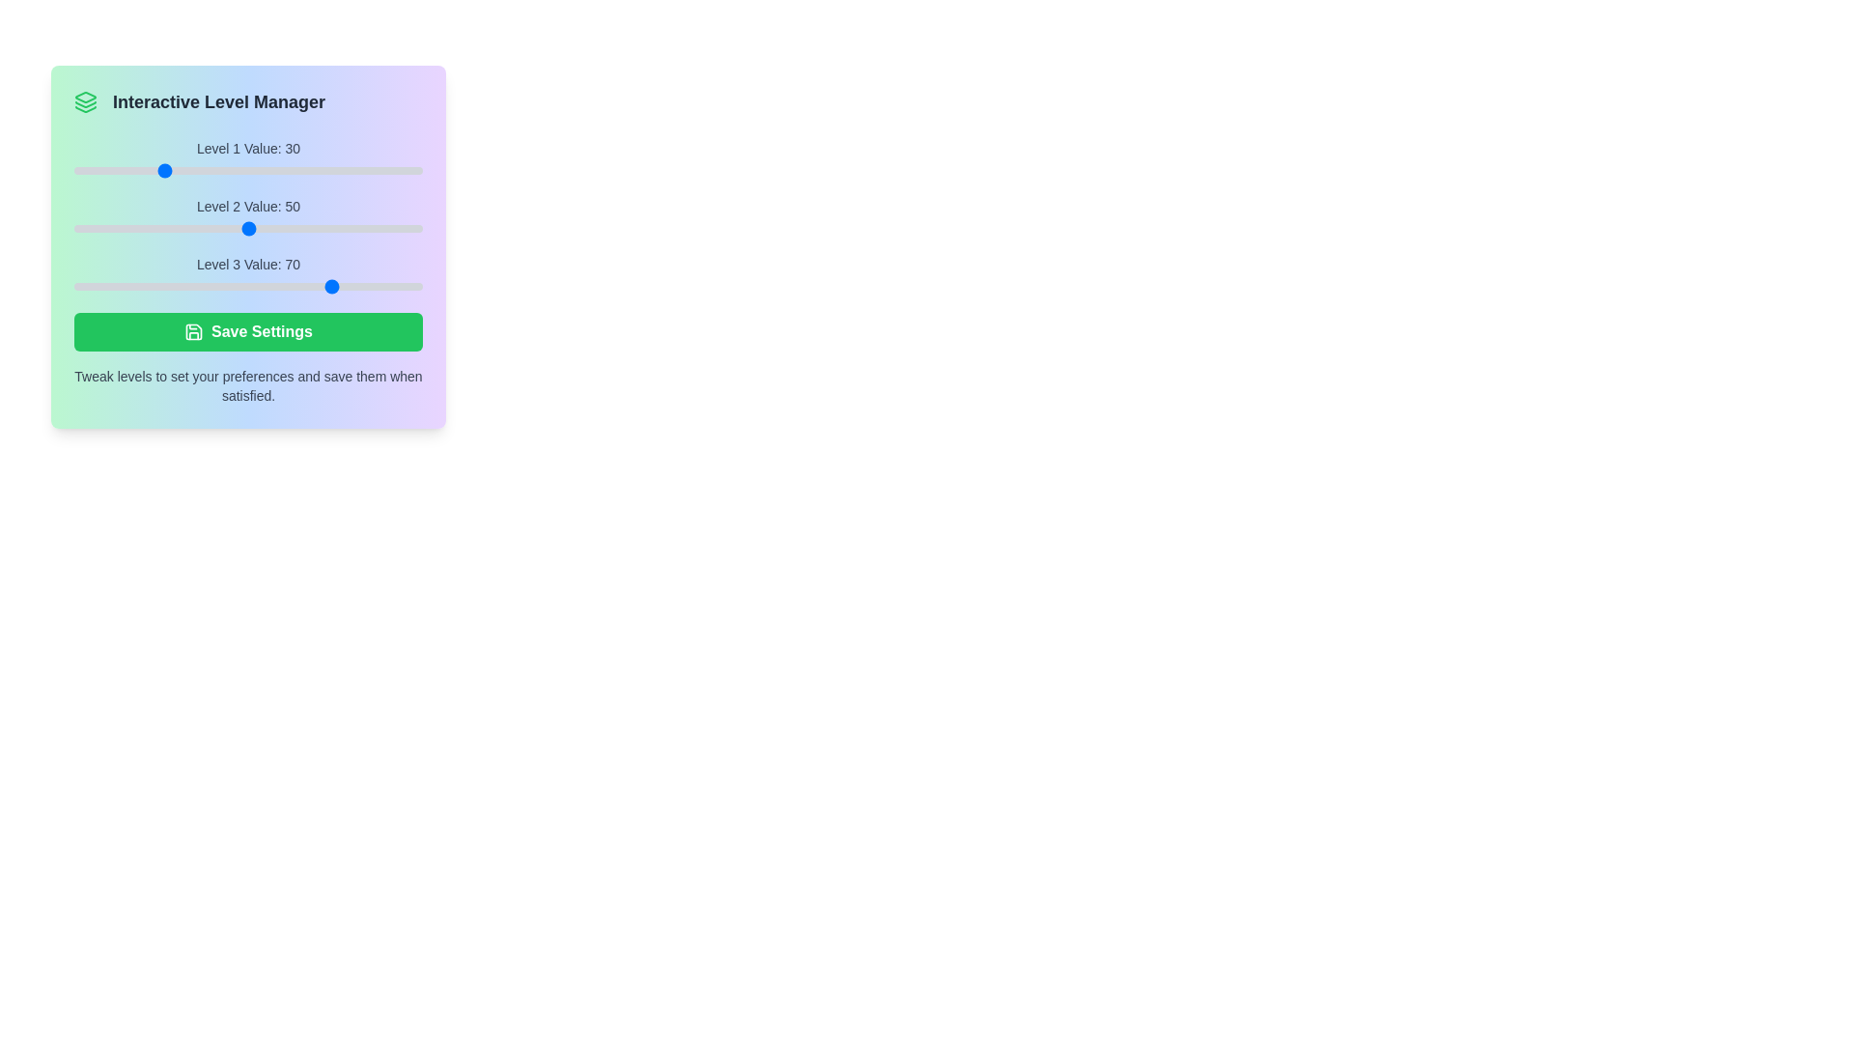 This screenshot has width=1854, height=1043. Describe the element at coordinates (247, 217) in the screenshot. I see `the circular handle of the second slider labeled 'Level 2 Value: 50'` at that location.